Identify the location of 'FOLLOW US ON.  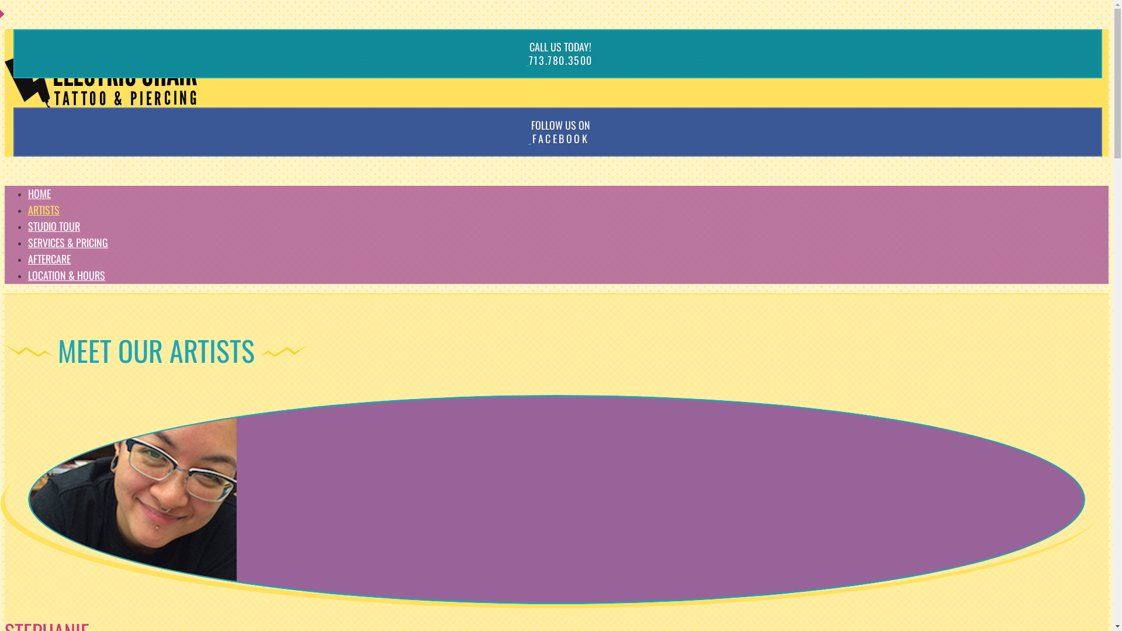
(556, 131).